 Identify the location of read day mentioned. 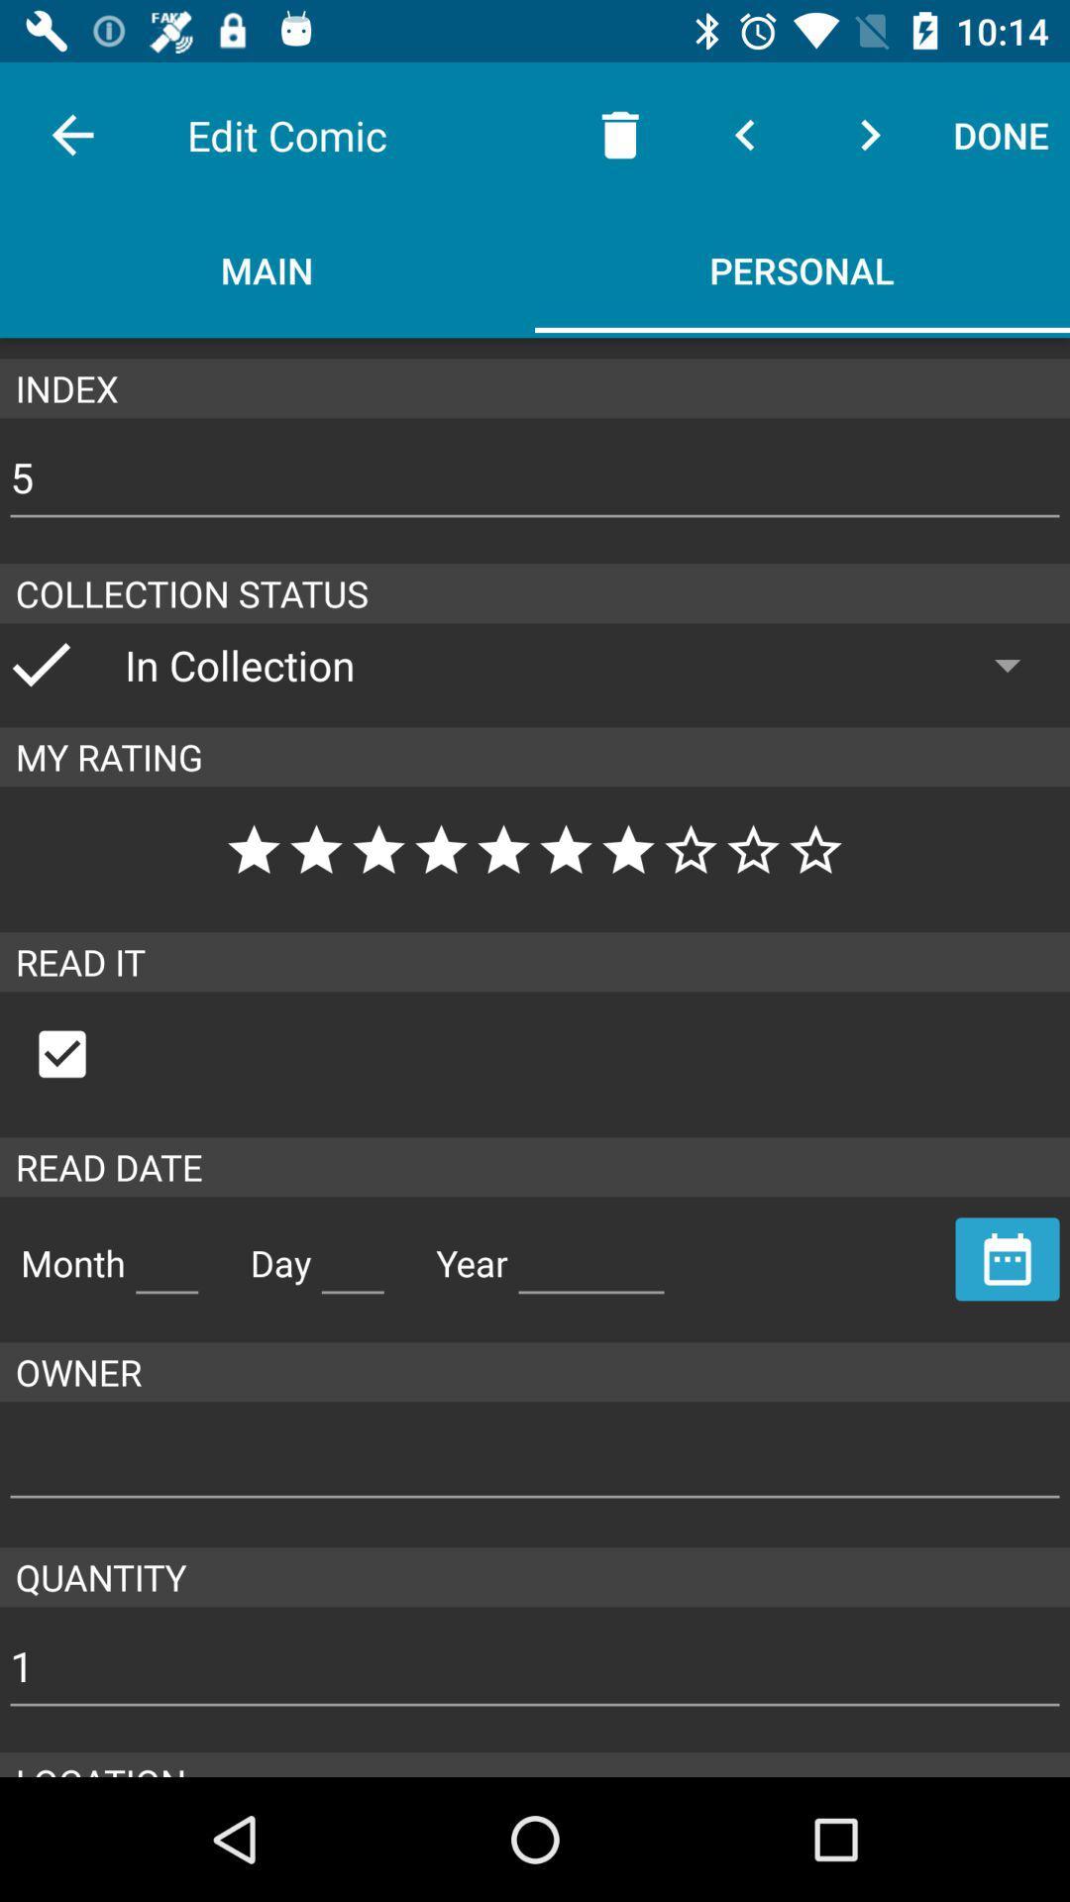
(352, 1254).